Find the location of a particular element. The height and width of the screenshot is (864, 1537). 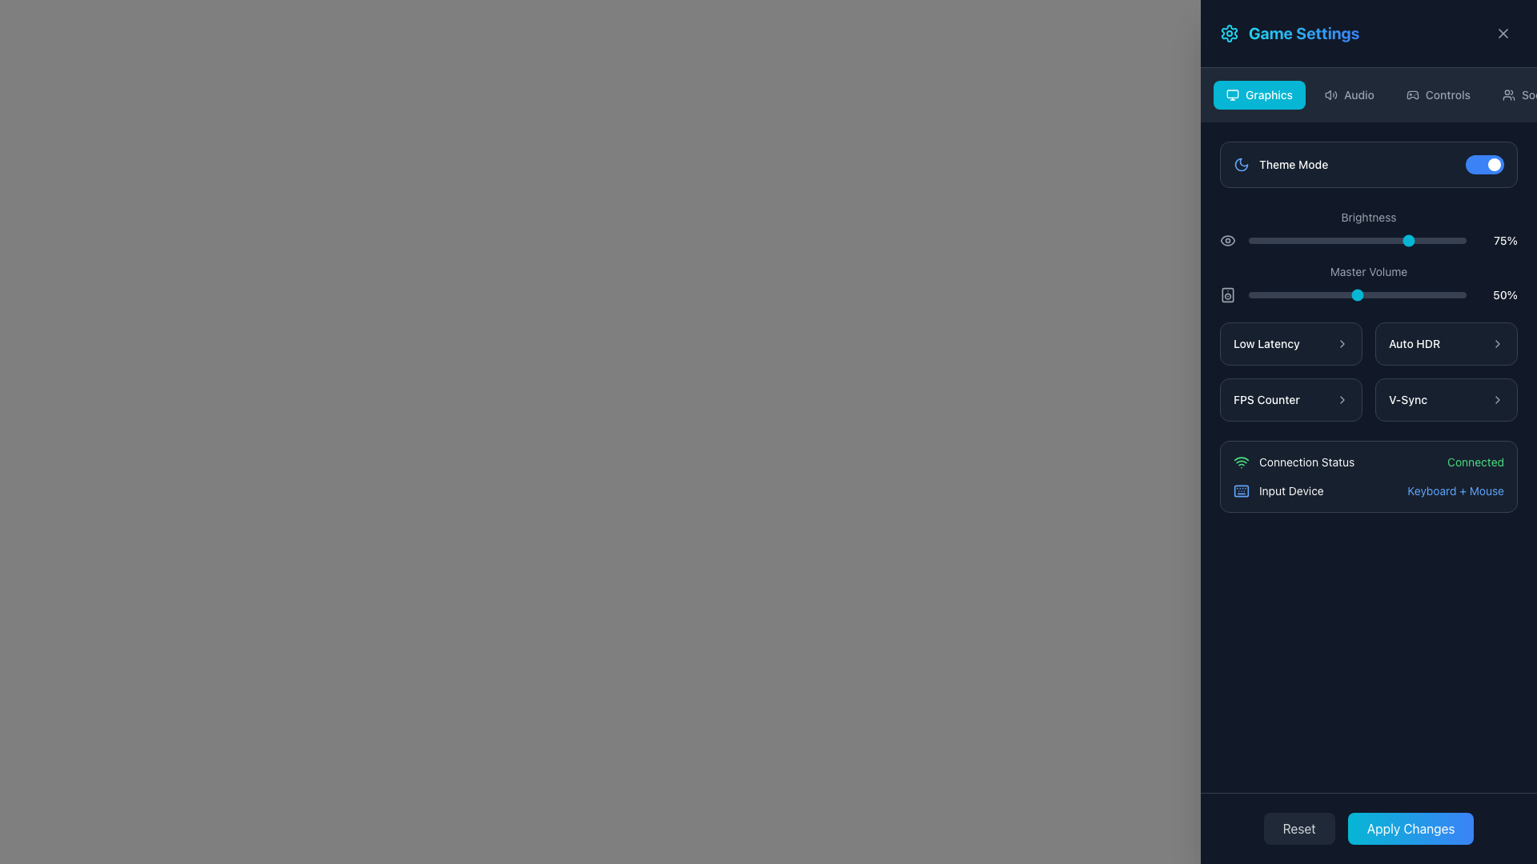

the Text label that describes the latency setting in the Graphics tab of the settings interface, positioned on the left side with an arrow icon to its right is located at coordinates (1266, 342).